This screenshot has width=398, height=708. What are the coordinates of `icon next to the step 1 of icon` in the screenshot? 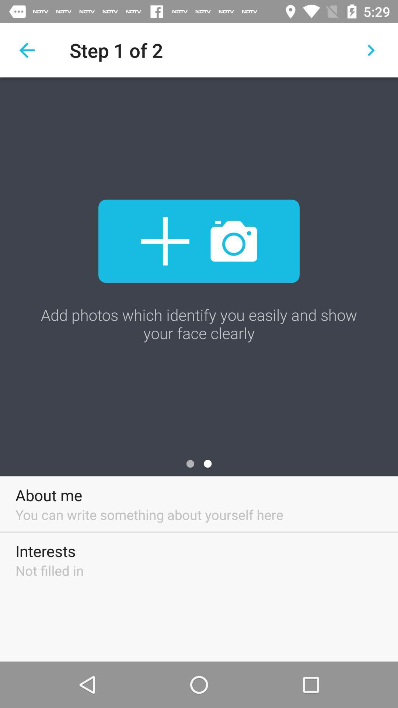 It's located at (371, 50).